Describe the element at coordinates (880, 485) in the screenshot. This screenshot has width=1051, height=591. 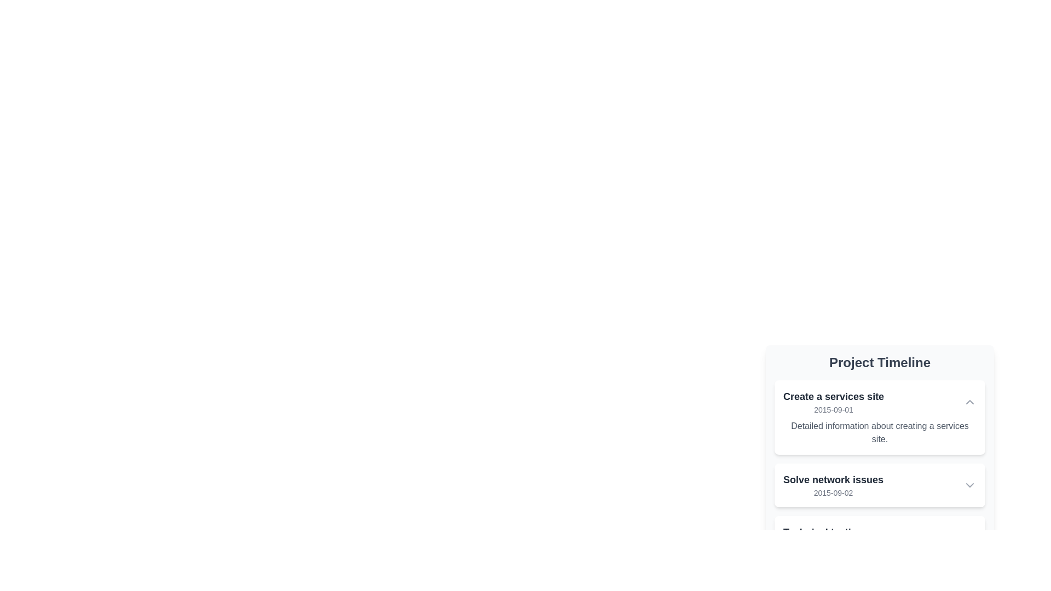
I see `the second Collapsible Card in the 'Project Timeline' section` at that location.